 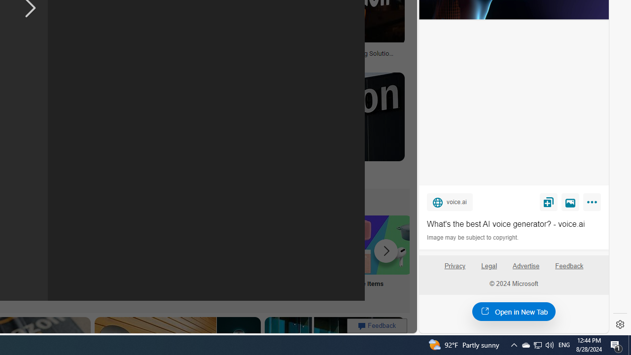 I want to click on 'Image may be subject to copyright.', so click(x=473, y=238).